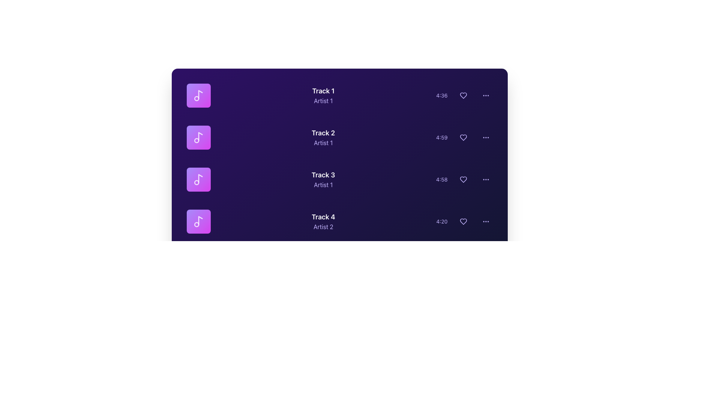 The width and height of the screenshot is (720, 405). What do you see at coordinates (463, 179) in the screenshot?
I see `the heart icon located at the far right of the row for 'Track 3' in the music playlist to favorite or unfavorite the item` at bounding box center [463, 179].